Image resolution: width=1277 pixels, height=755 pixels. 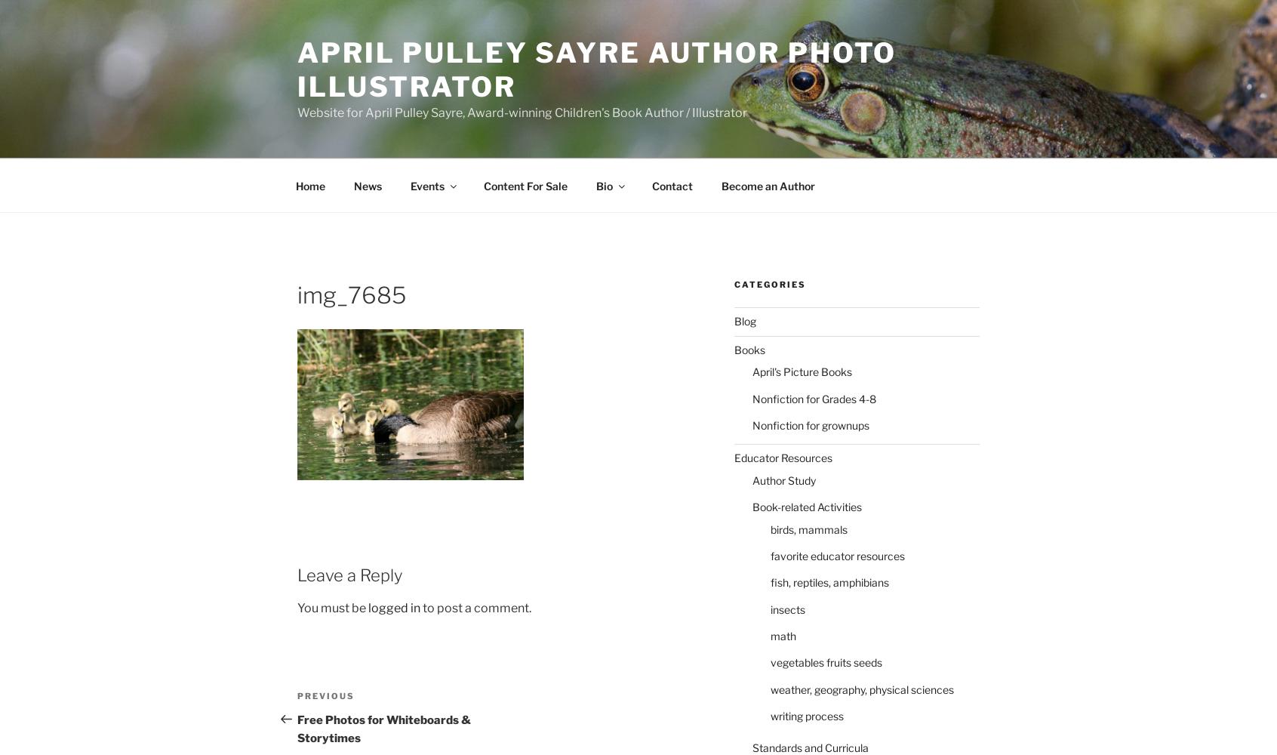 I want to click on 'writing process', so click(x=806, y=715).